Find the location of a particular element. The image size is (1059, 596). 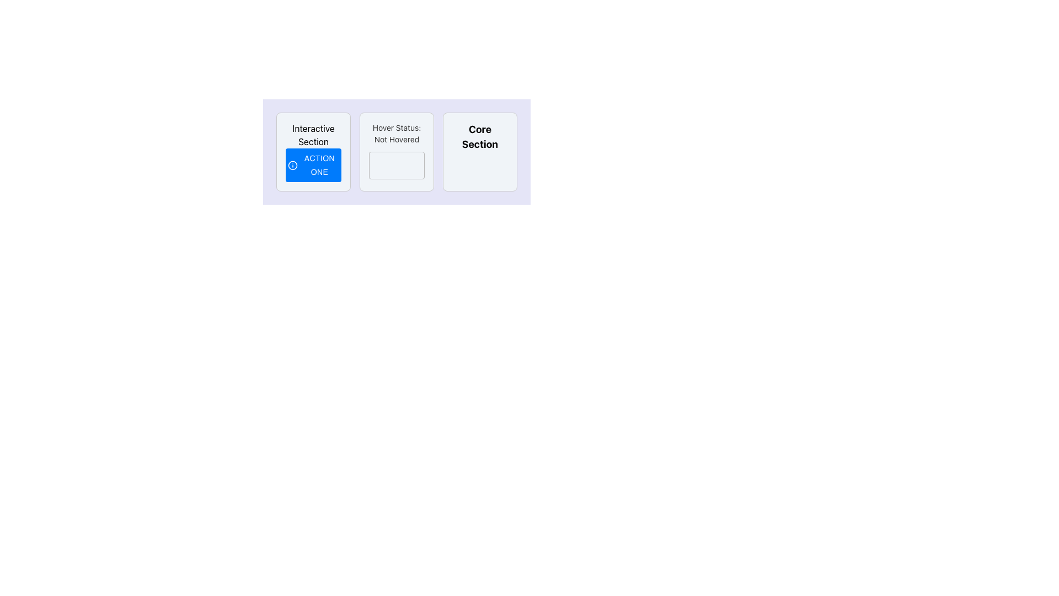

the 'Action One' button within the 'Interactive Section' card for keyboard interaction is located at coordinates (313, 152).